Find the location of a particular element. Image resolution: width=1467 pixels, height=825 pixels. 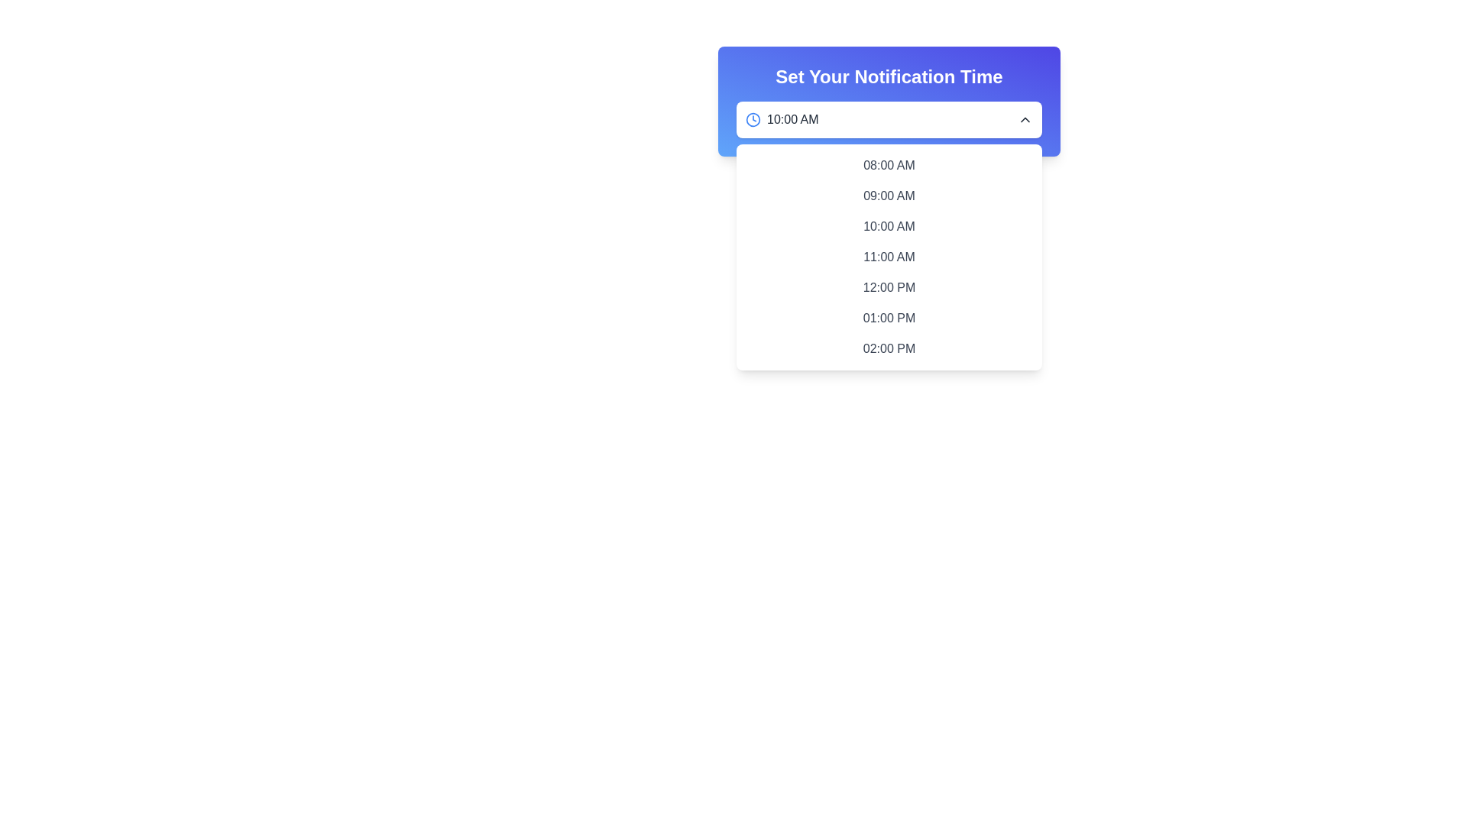

the time selection button that sets the time to '02:00 PM', which is the last option in the dropdown menu is located at coordinates (889, 348).